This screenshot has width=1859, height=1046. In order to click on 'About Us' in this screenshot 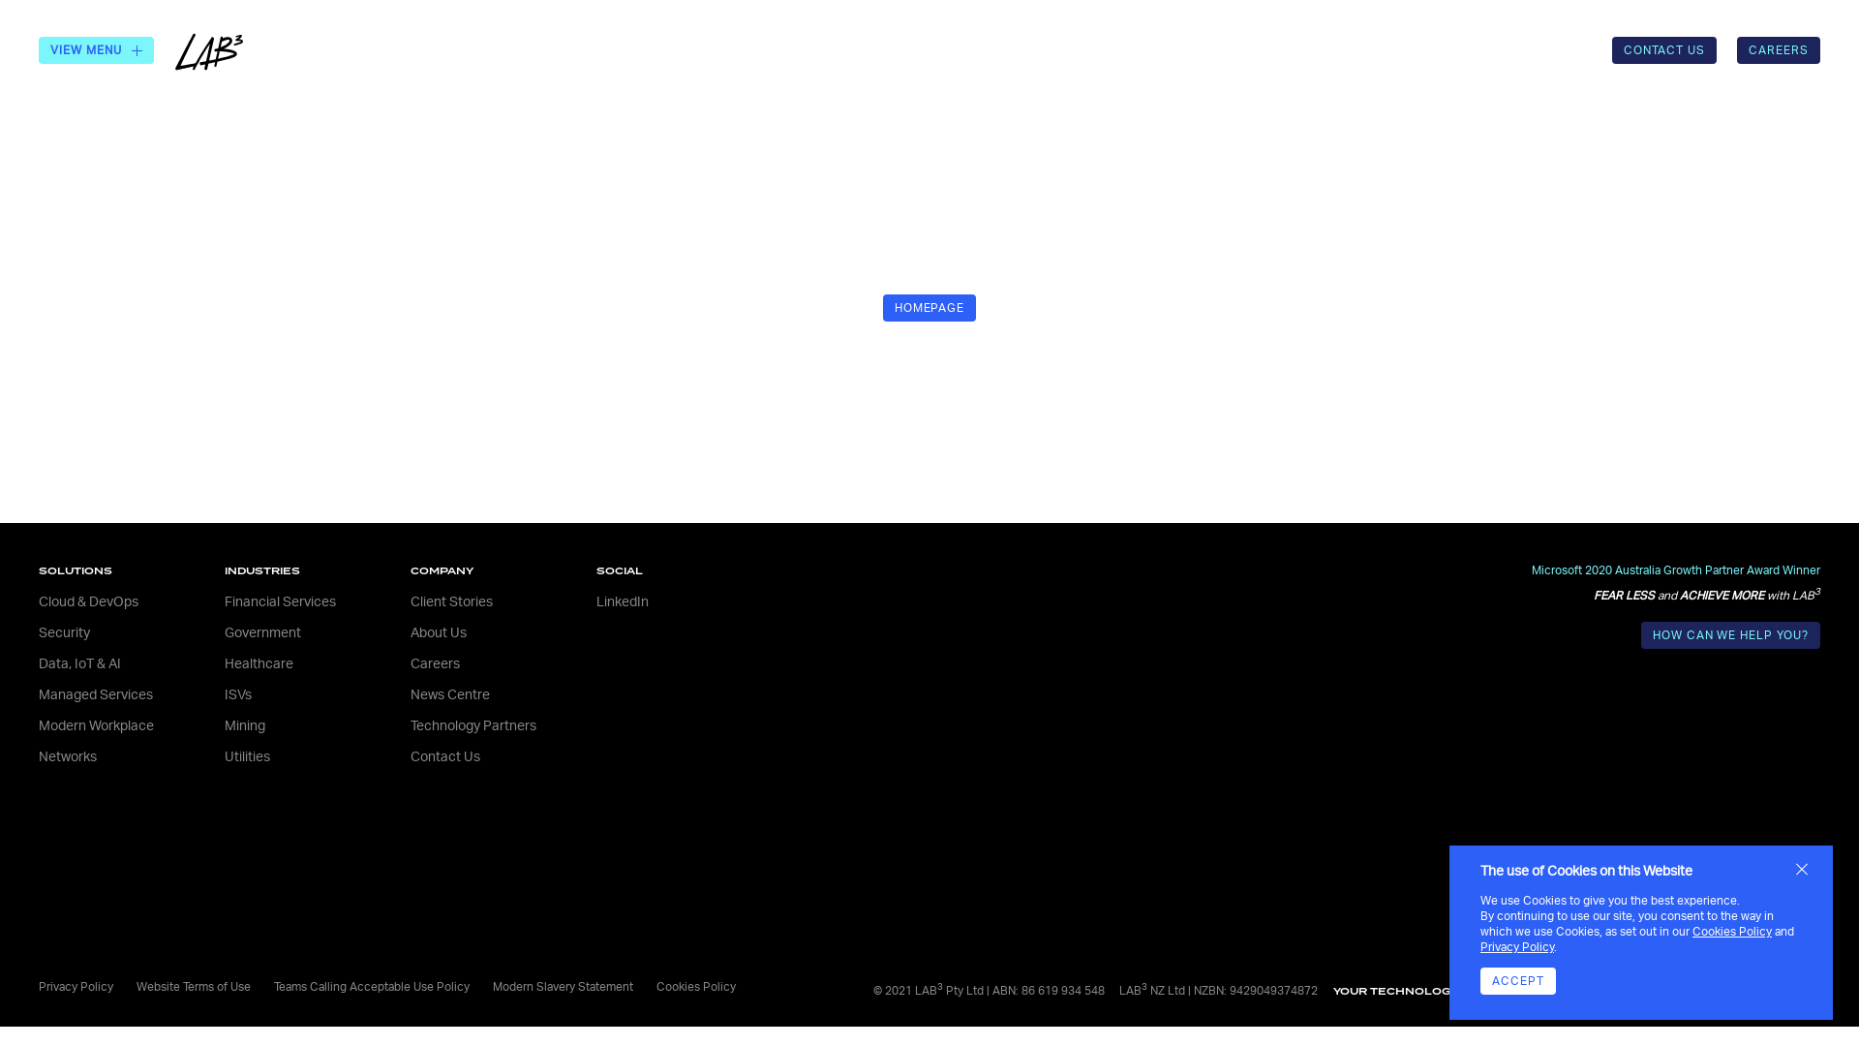, I will do `click(437, 633)`.